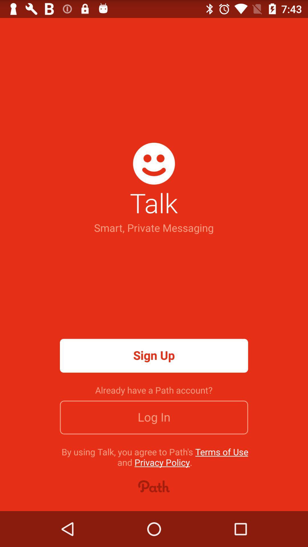  What do you see at coordinates (154, 355) in the screenshot?
I see `the sign up item` at bounding box center [154, 355].